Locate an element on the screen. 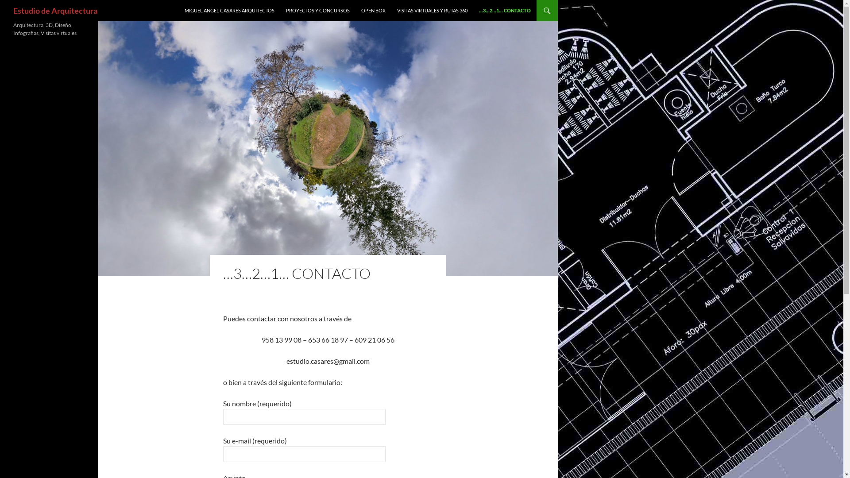 The height and width of the screenshot is (478, 850). 'MIGUEL ANGEL CASARES ARQUITECTOS' is located at coordinates (229, 10).